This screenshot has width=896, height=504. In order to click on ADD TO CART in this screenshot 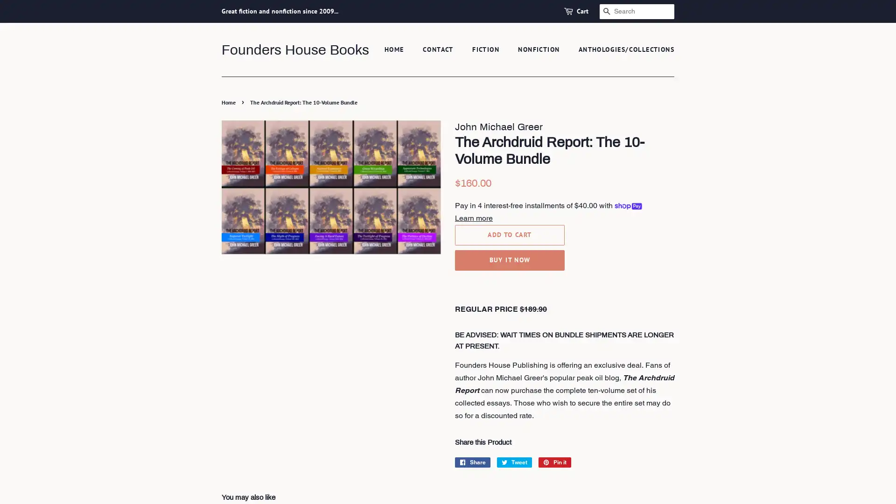, I will do `click(509, 234)`.